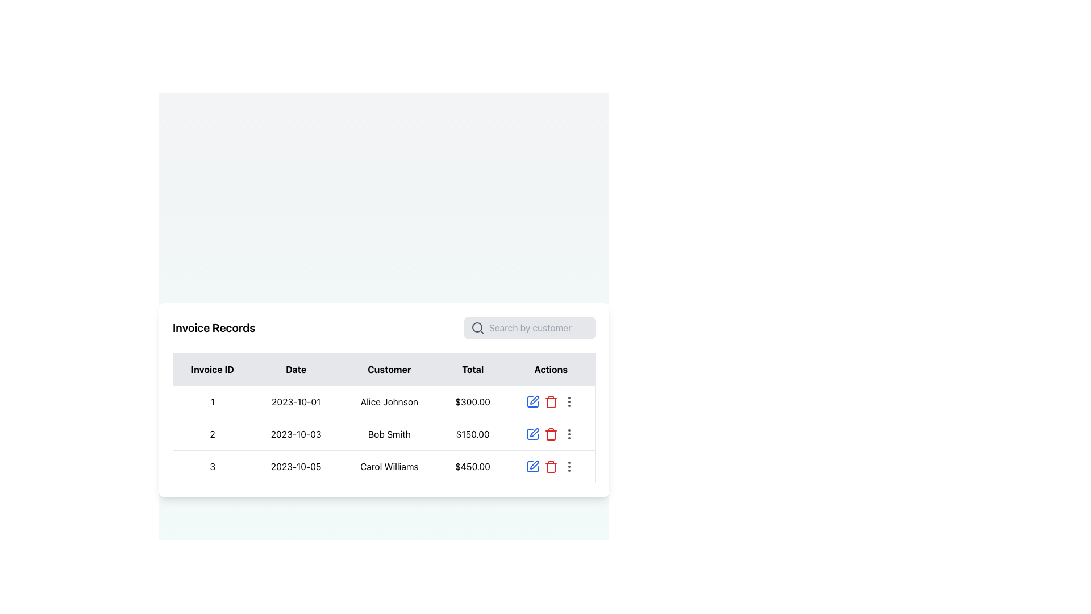 This screenshot has height=614, width=1091. Describe the element at coordinates (532, 401) in the screenshot. I see `the edit button located in the 'Actions' column of the first row in the table to observe hover effects` at that location.